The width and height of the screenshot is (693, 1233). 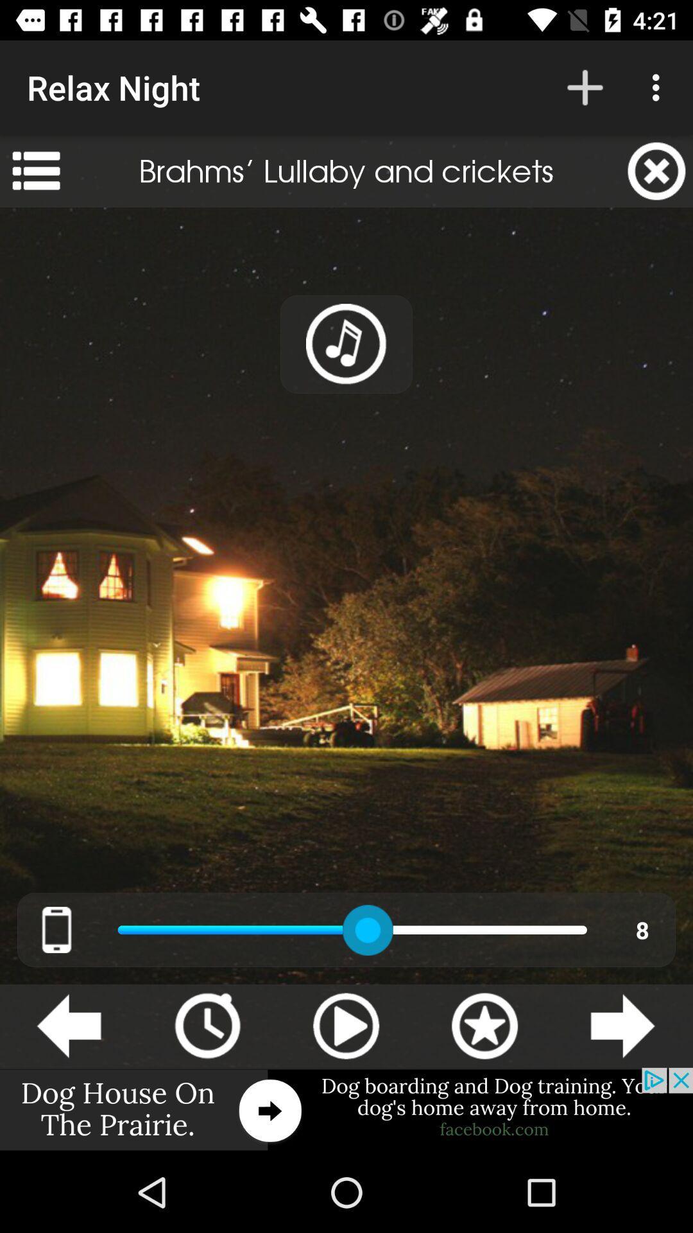 I want to click on favorite icon, so click(x=484, y=1026).